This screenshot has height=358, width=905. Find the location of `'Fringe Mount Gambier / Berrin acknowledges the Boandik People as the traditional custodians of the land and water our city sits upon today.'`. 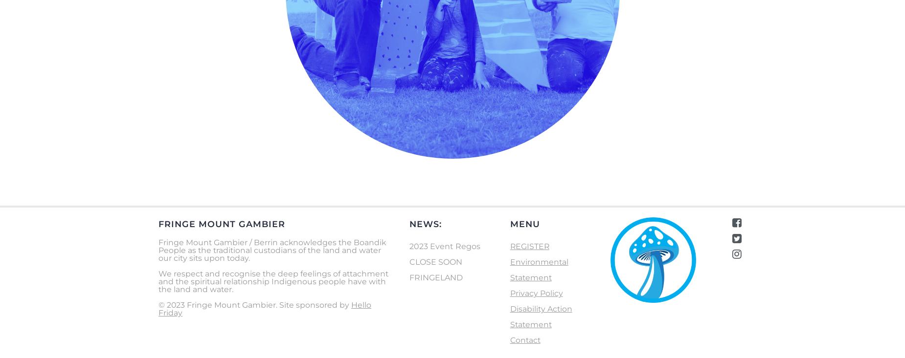

'Fringe Mount Gambier / Berrin acknowledges the Boandik People as the traditional custodians of the land and water our city sits upon today.' is located at coordinates (272, 249).